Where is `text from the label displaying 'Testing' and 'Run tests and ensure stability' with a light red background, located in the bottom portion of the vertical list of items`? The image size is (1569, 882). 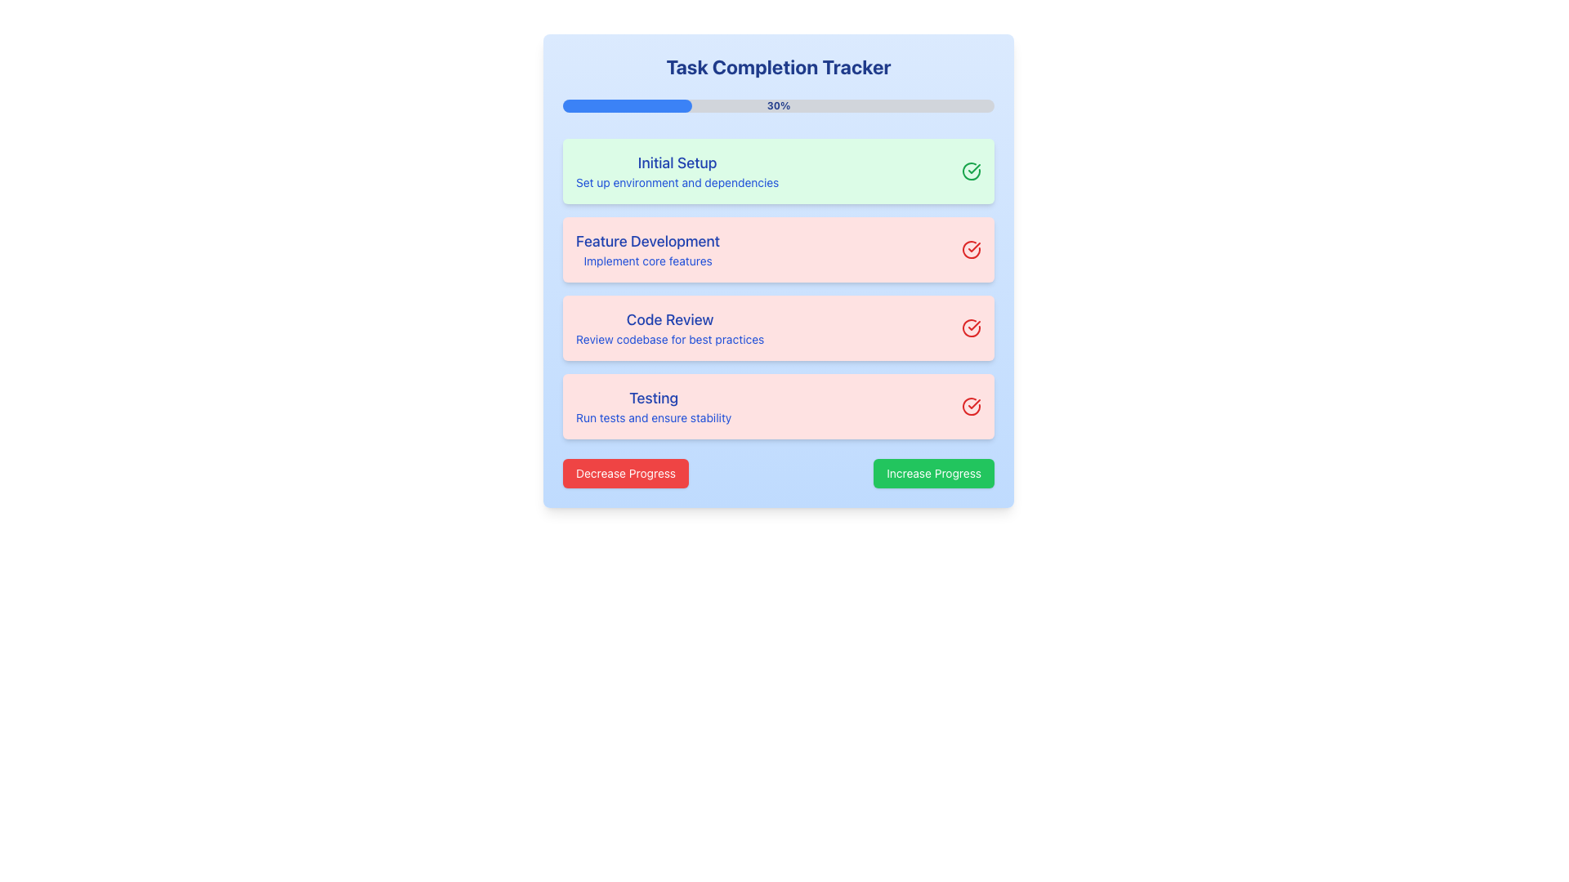
text from the label displaying 'Testing' and 'Run tests and ensure stability' with a light red background, located in the bottom portion of the vertical list of items is located at coordinates (654, 405).